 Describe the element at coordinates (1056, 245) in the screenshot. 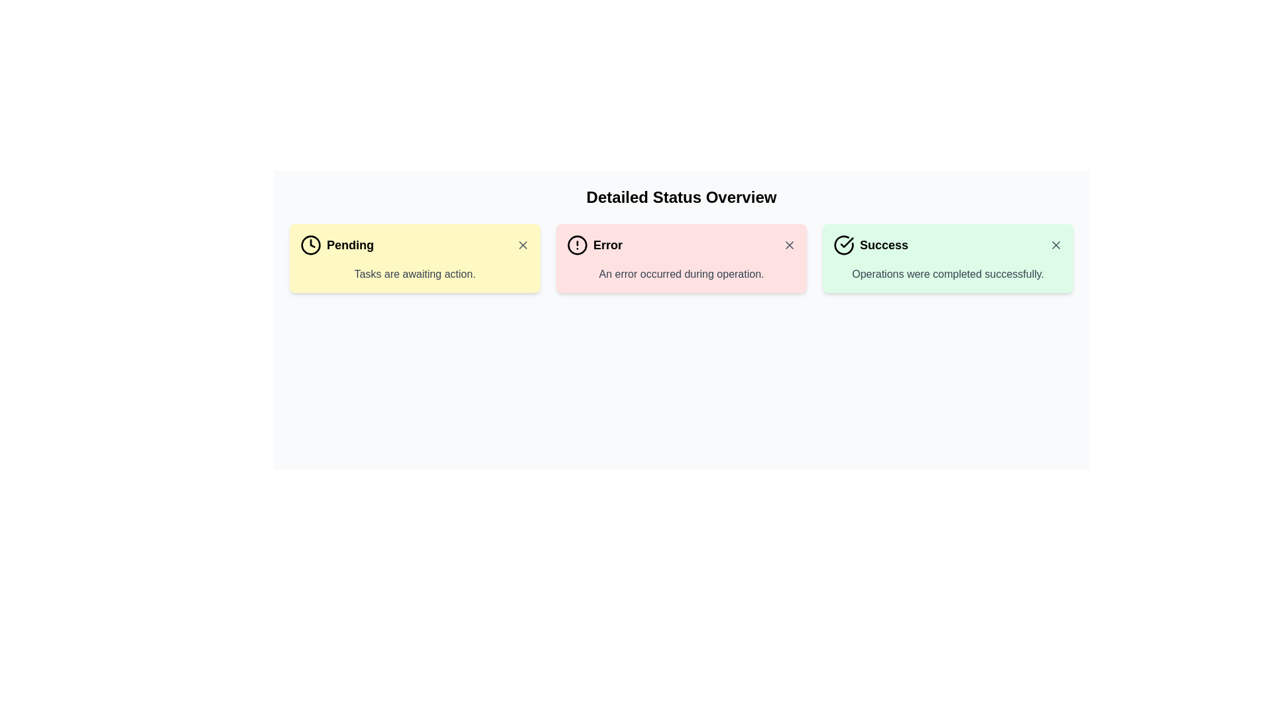

I see `the 'X' button in the 'Success' notification` at that location.